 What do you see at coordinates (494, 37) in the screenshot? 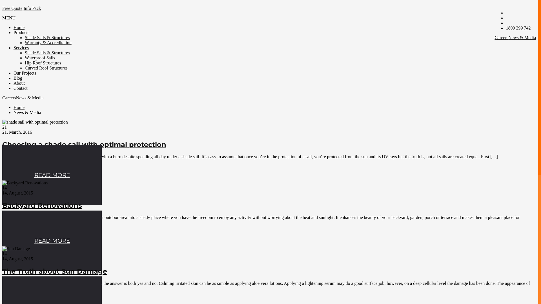
I see `'Careers'` at bounding box center [494, 37].